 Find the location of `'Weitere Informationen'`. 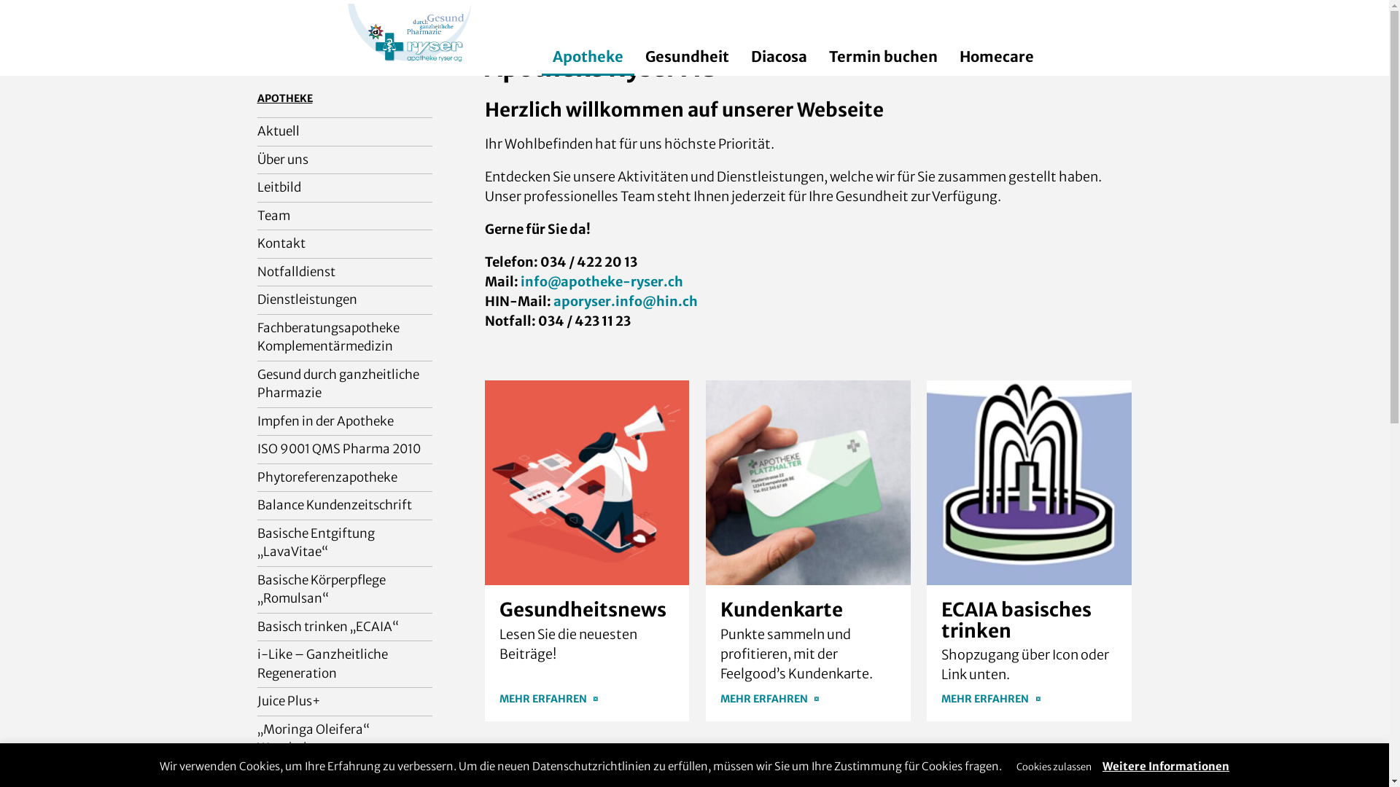

'Weitere Informationen' is located at coordinates (1164, 765).